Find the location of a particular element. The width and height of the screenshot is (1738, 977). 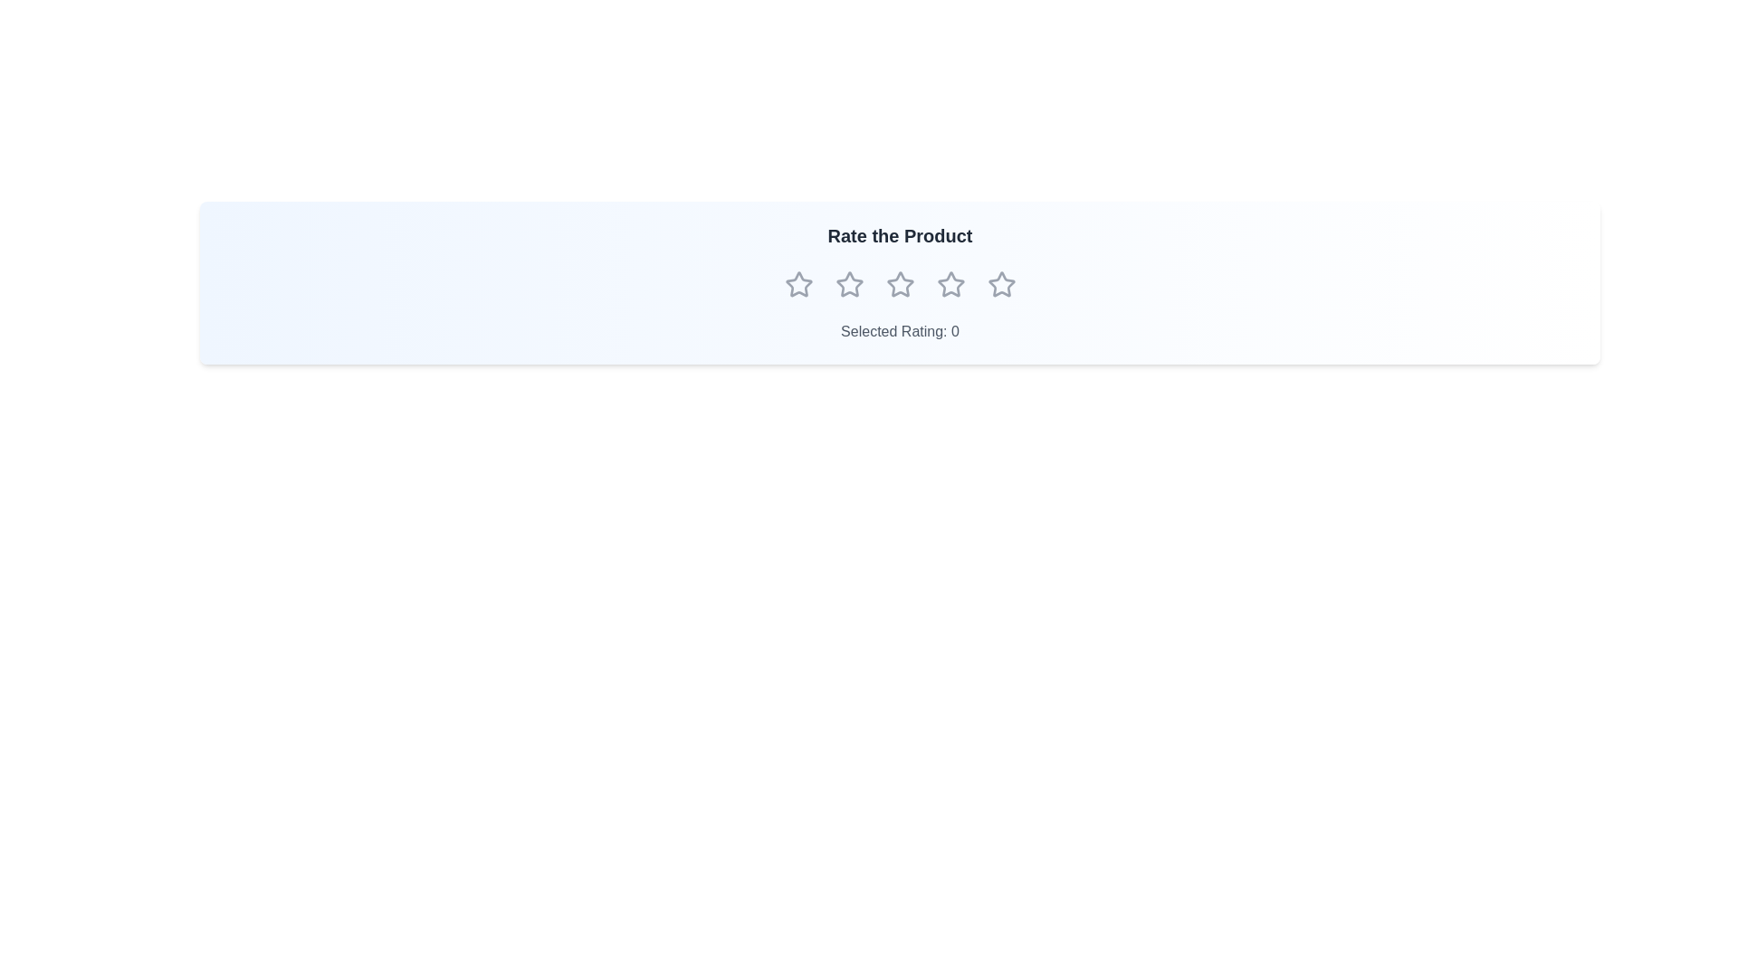

the first interactive rating star icon, which is outlined in grey and is part of a horizontal series of five stars is located at coordinates (797, 283).